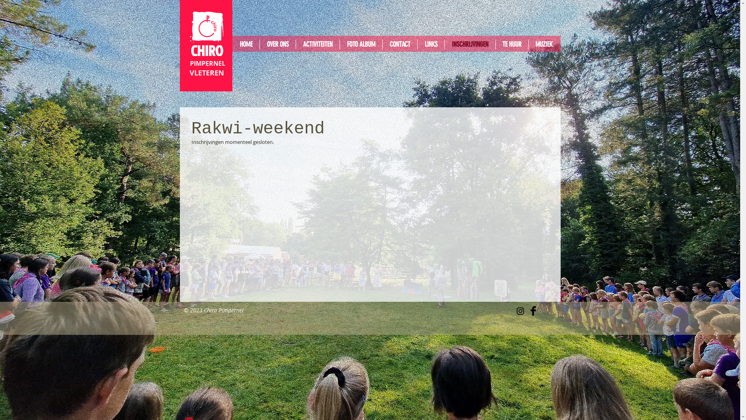 The width and height of the screenshot is (746, 420). What do you see at coordinates (417, 44) in the screenshot?
I see `'LINKS'` at bounding box center [417, 44].